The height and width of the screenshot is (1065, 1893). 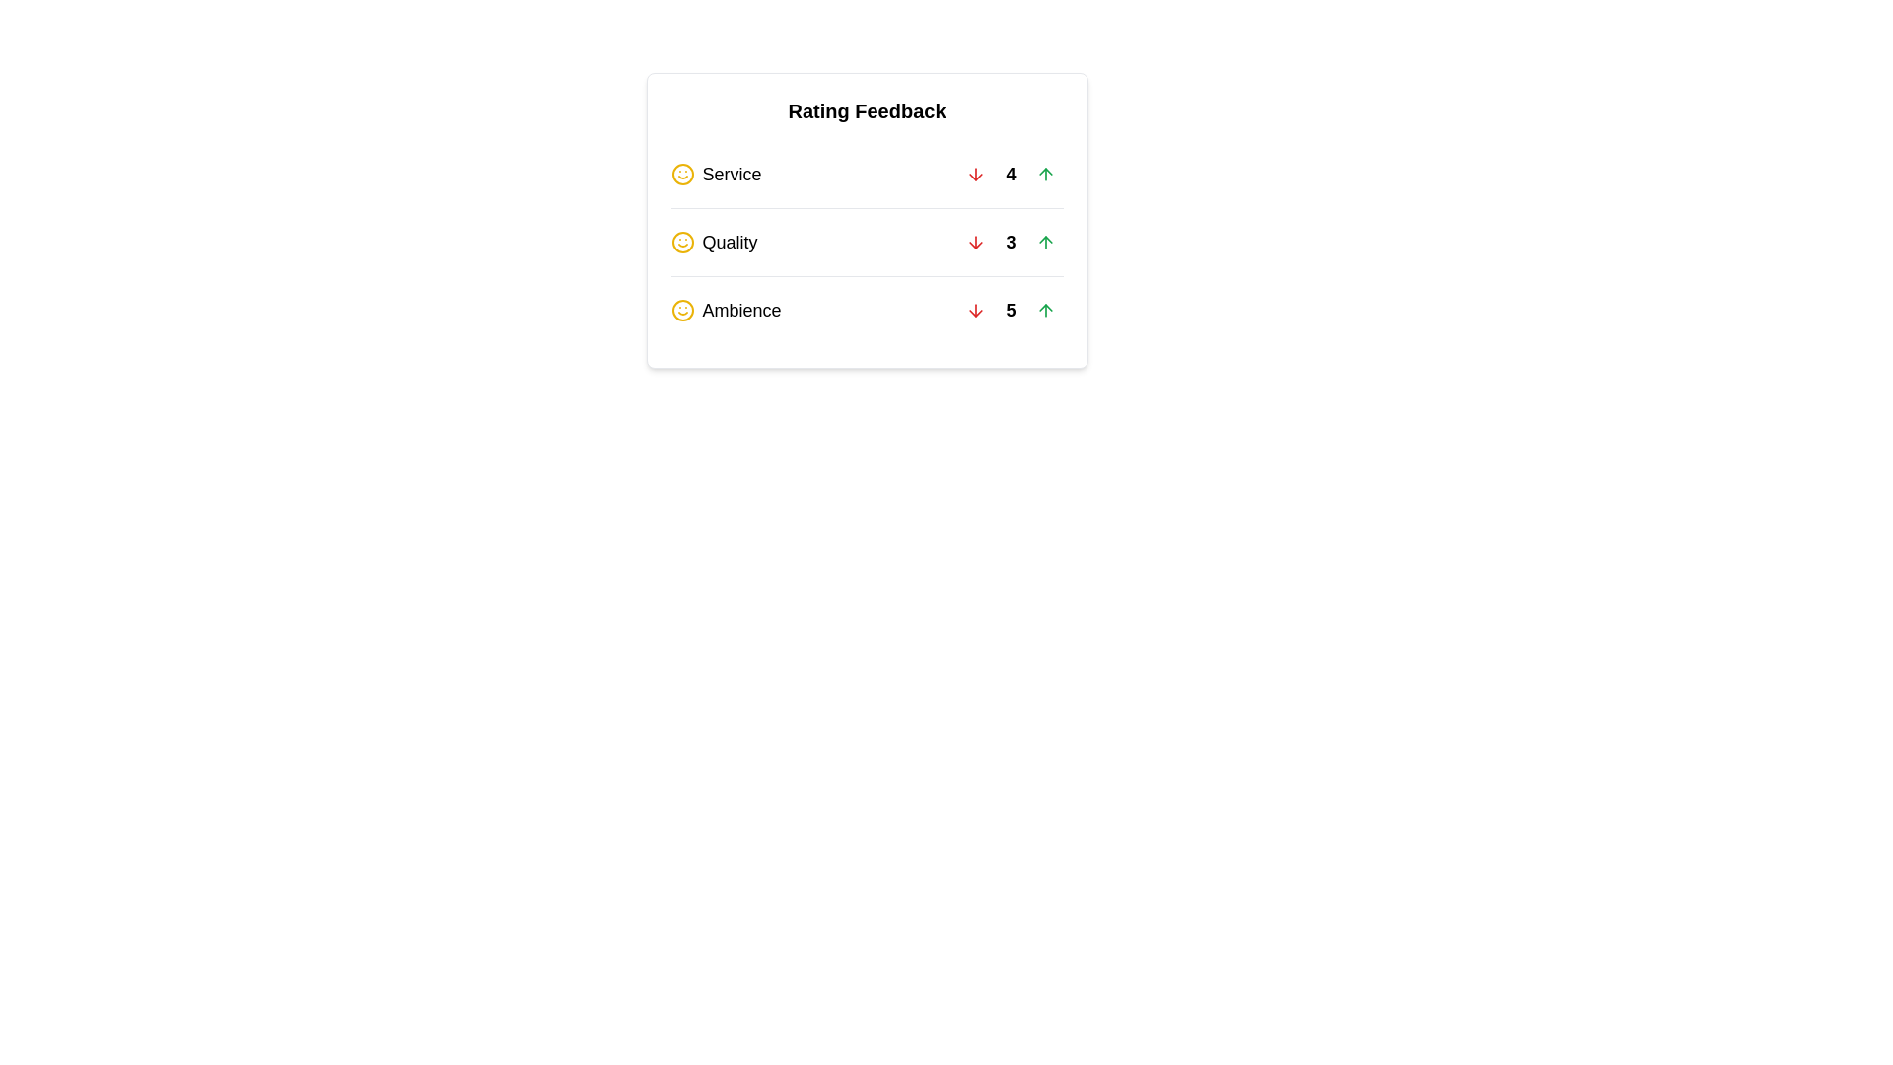 I want to click on smile icon in the first row of the 'Rating Feedback' section, which displays the rating for the 'Service' aspect, so click(x=867, y=174).